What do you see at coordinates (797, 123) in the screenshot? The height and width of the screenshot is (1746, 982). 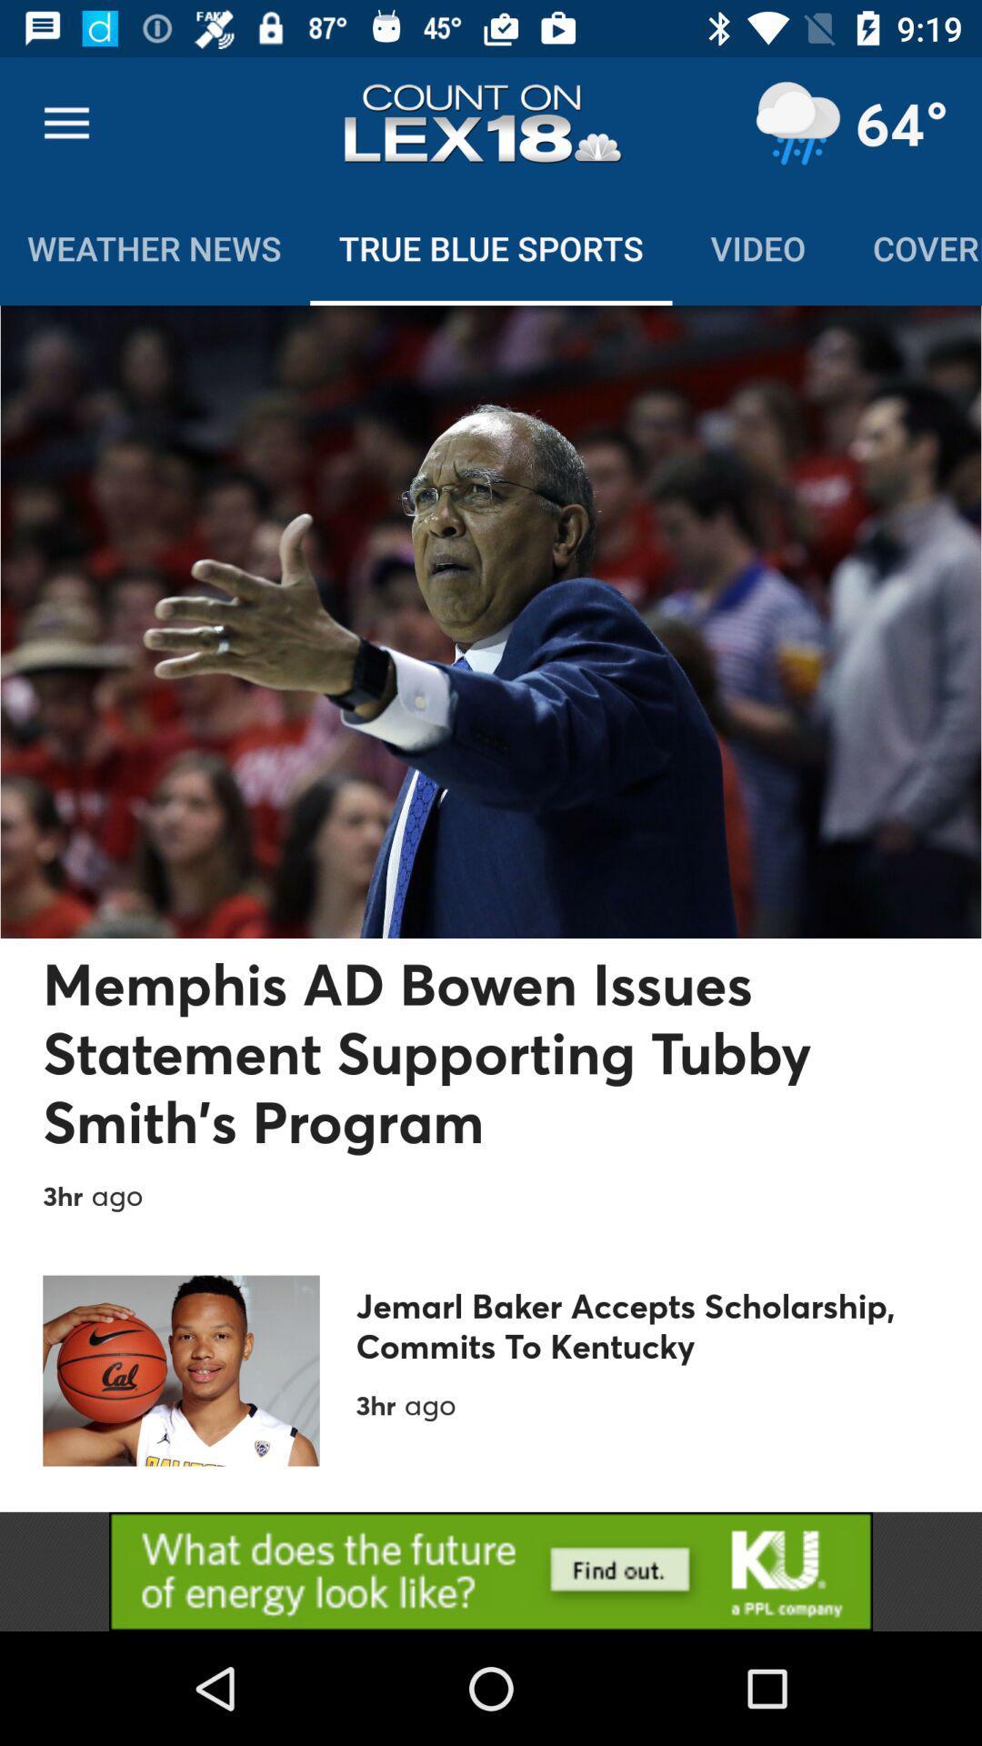 I see `the button is used to know weather` at bounding box center [797, 123].